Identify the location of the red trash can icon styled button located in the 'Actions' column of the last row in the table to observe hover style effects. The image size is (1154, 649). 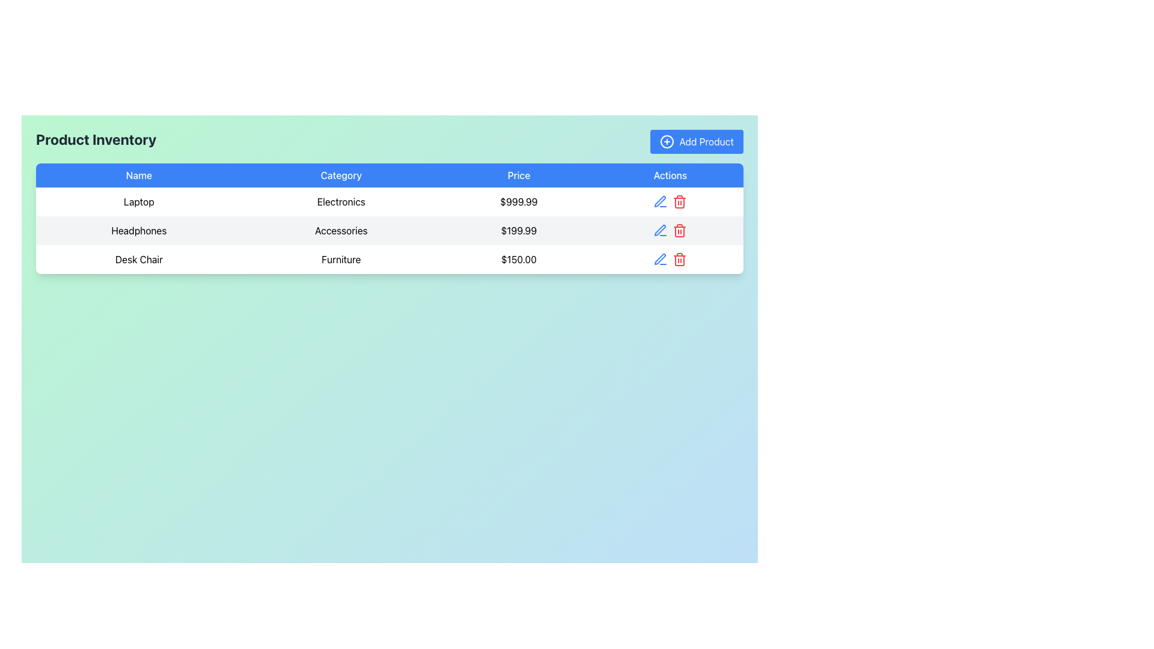
(680, 259).